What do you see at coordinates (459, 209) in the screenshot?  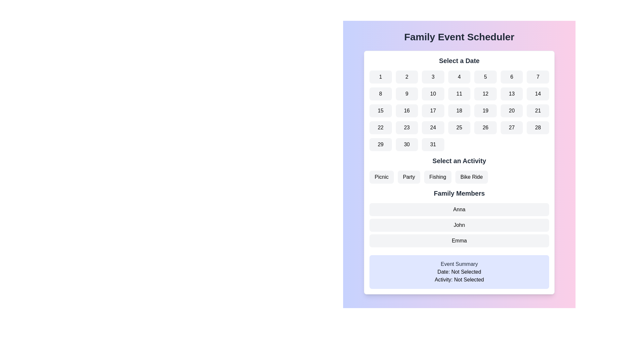 I see `the button labeled 'Anna', which is the first button in a vertical list below the 'Family Members' heading` at bounding box center [459, 209].